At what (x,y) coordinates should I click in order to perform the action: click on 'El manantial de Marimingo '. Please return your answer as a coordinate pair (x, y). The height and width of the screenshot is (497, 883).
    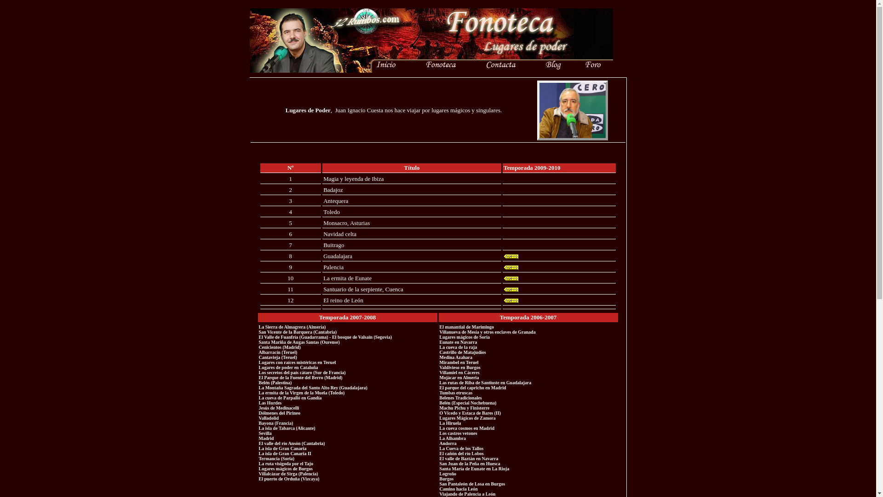
    Looking at the image, I should click on (467, 326).